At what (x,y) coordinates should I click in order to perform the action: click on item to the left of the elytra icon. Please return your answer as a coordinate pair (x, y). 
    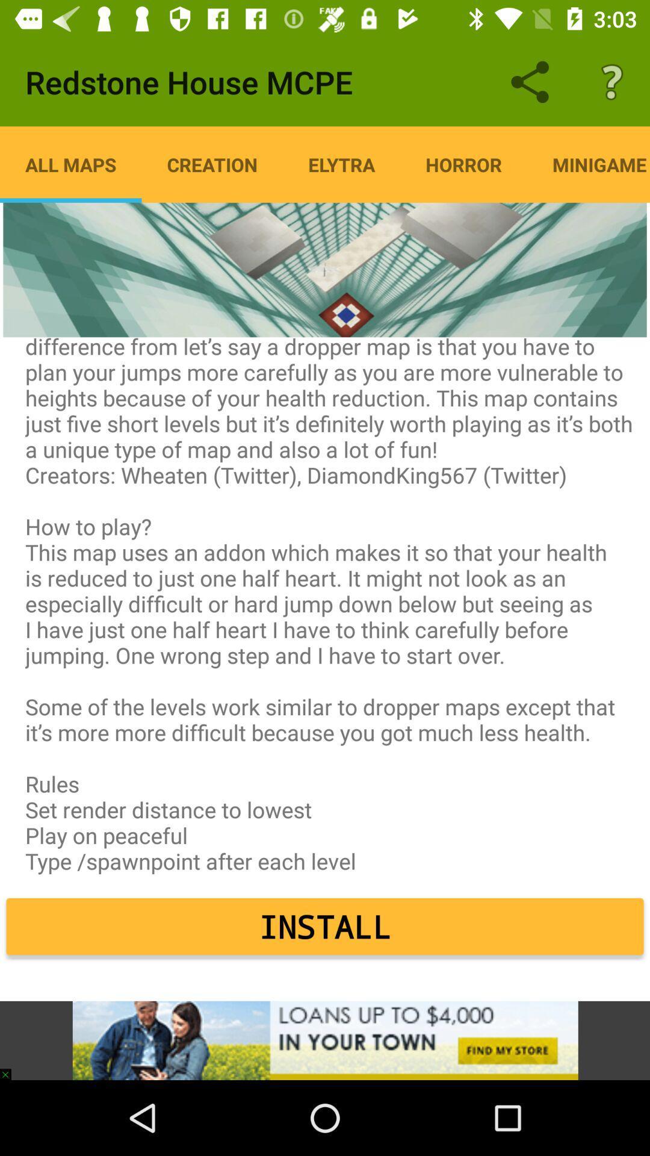
    Looking at the image, I should click on (211, 164).